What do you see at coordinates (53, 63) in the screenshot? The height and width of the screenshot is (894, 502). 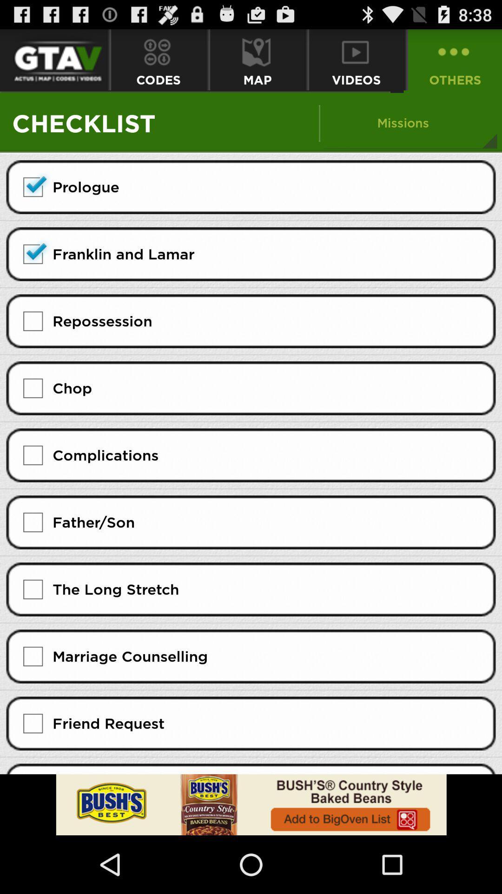 I see `the font icon` at bounding box center [53, 63].